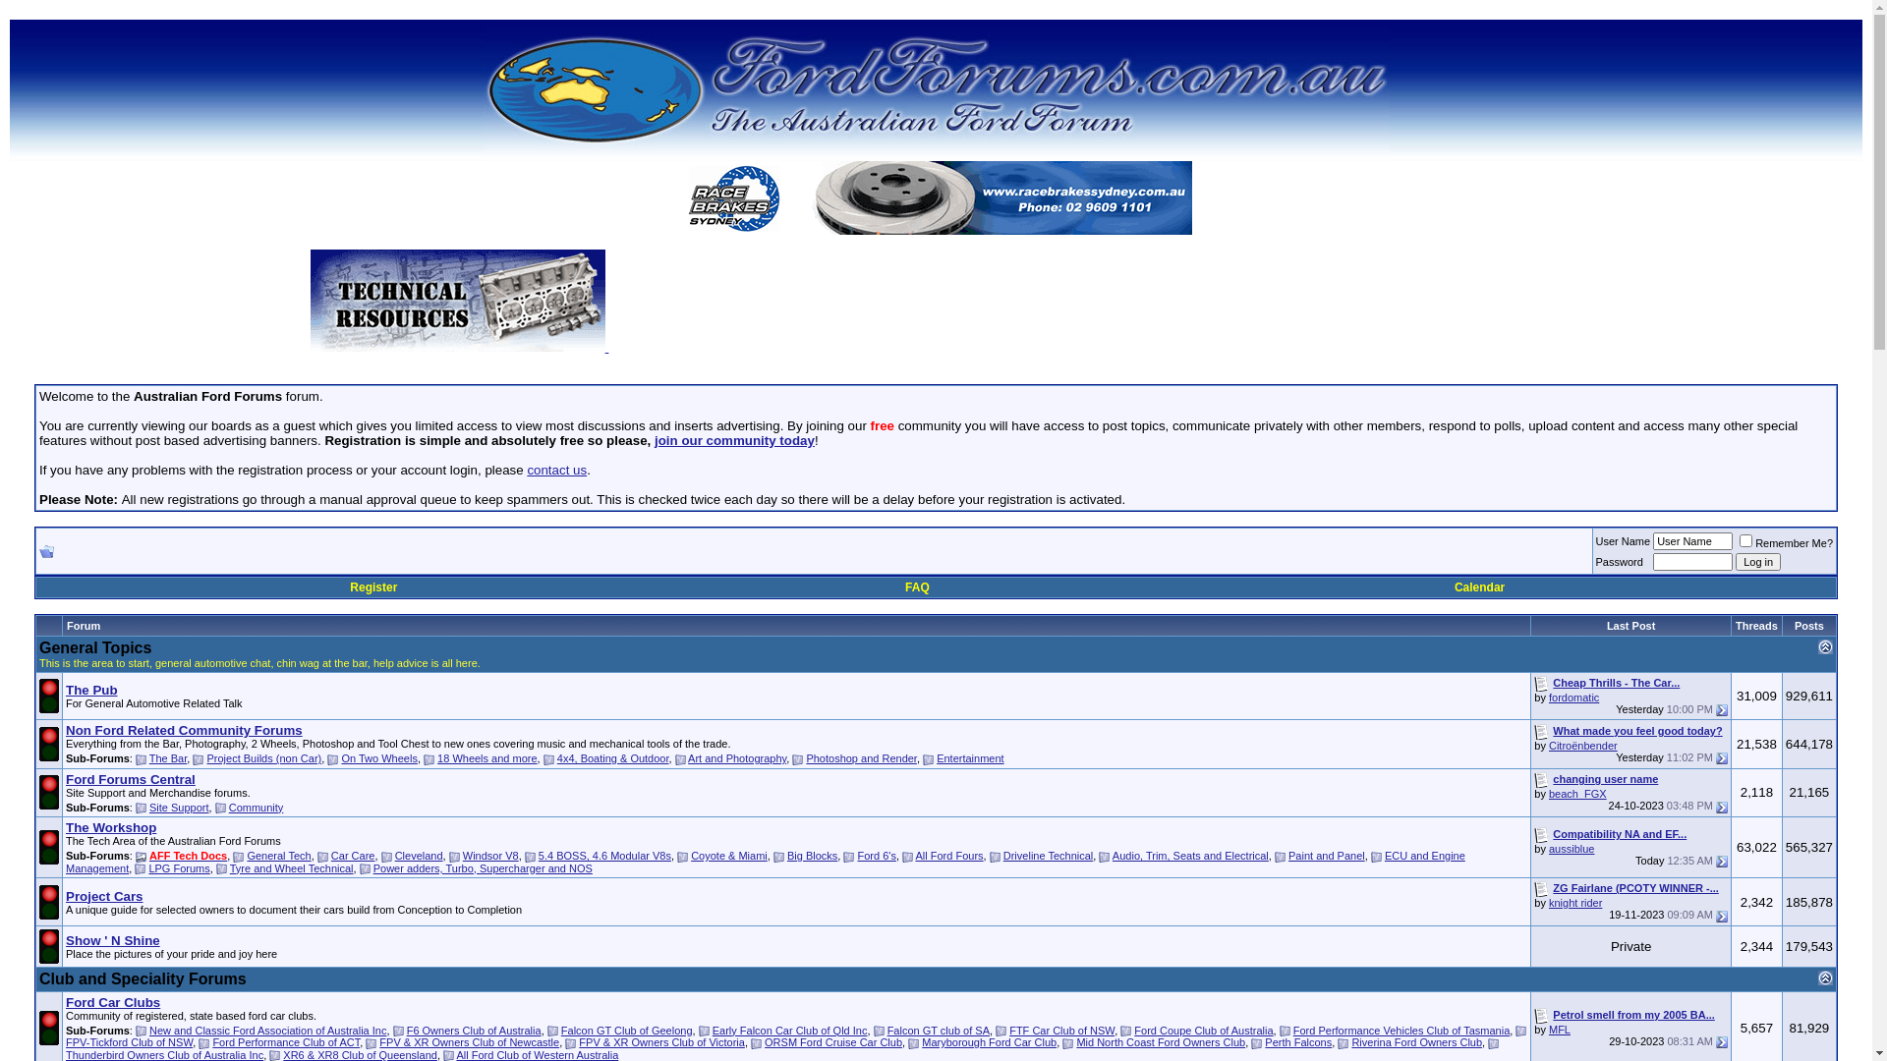  What do you see at coordinates (612, 756) in the screenshot?
I see `'4x4, Boating & Outdoor'` at bounding box center [612, 756].